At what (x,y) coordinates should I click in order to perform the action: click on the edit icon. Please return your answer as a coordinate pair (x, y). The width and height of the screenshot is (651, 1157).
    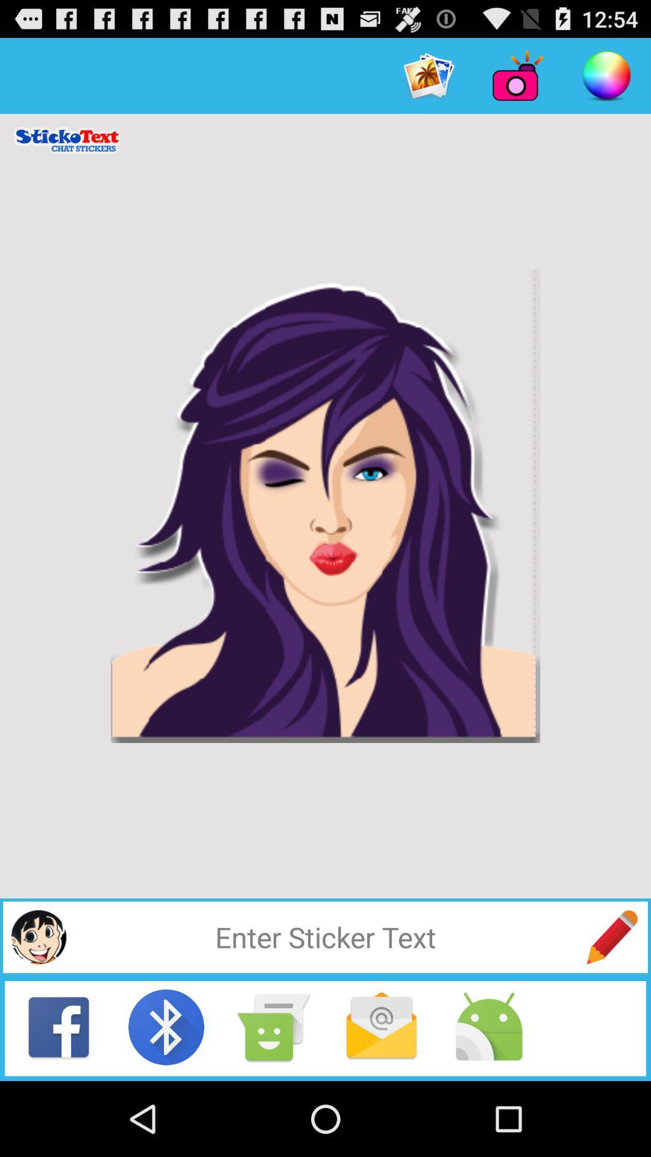
    Looking at the image, I should click on (612, 1003).